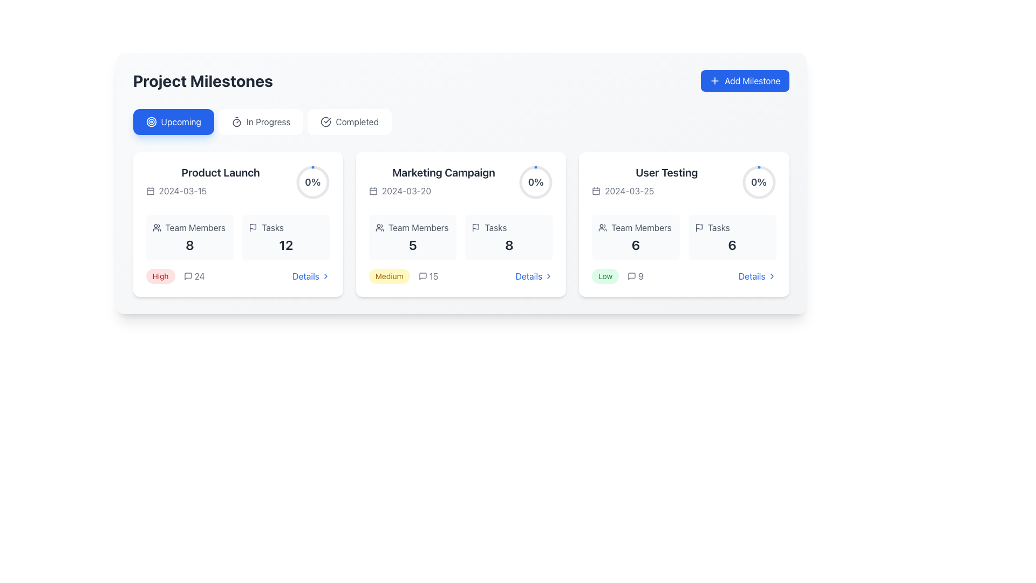  I want to click on the blue hyperlink labeled 'Details' with an accompanying right-facing chevron icon, so click(756, 276).